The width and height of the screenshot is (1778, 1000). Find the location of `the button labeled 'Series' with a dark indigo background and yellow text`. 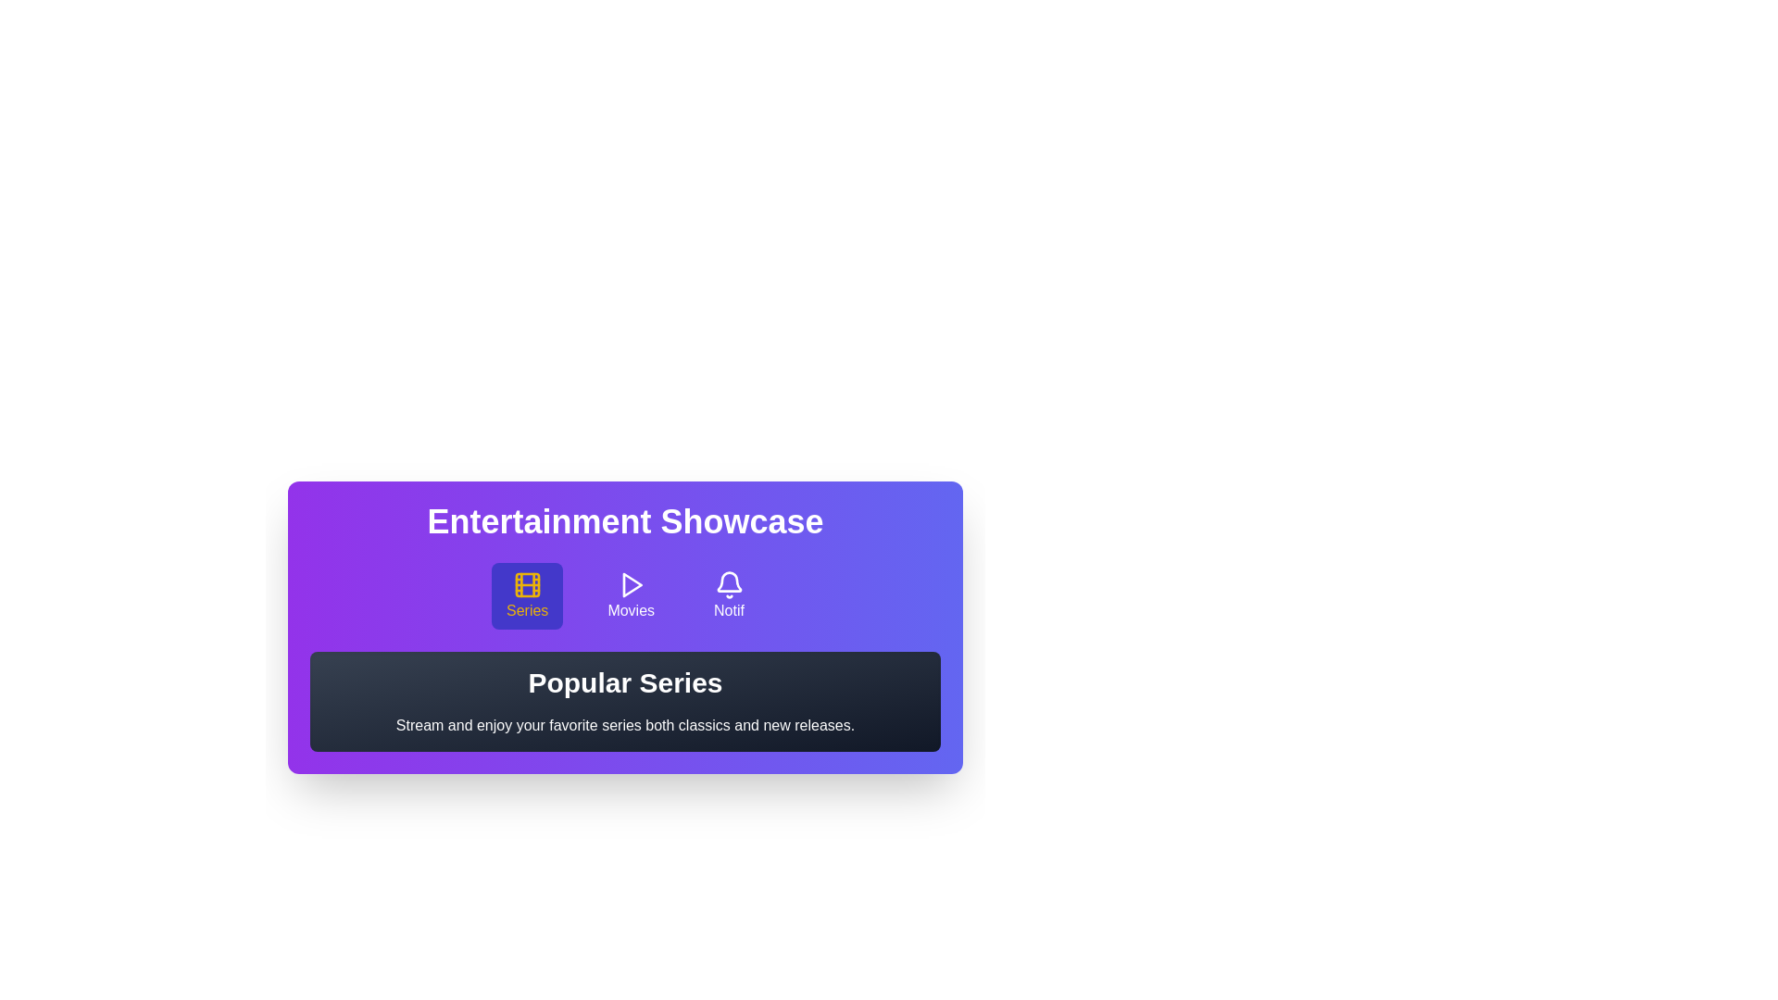

the button labeled 'Series' with a dark indigo background and yellow text is located at coordinates (526, 596).